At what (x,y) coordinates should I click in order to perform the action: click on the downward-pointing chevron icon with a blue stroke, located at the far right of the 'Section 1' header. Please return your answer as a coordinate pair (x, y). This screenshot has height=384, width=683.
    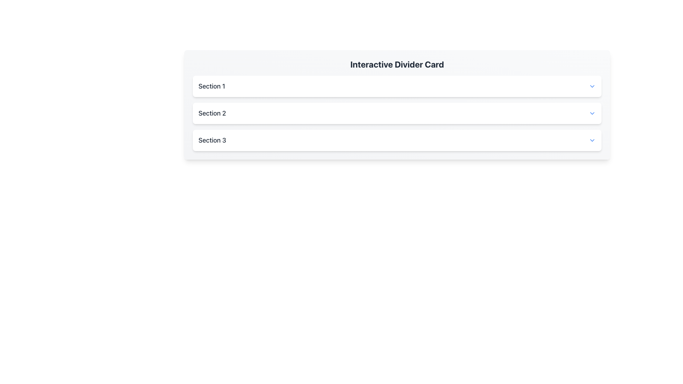
    Looking at the image, I should click on (592, 86).